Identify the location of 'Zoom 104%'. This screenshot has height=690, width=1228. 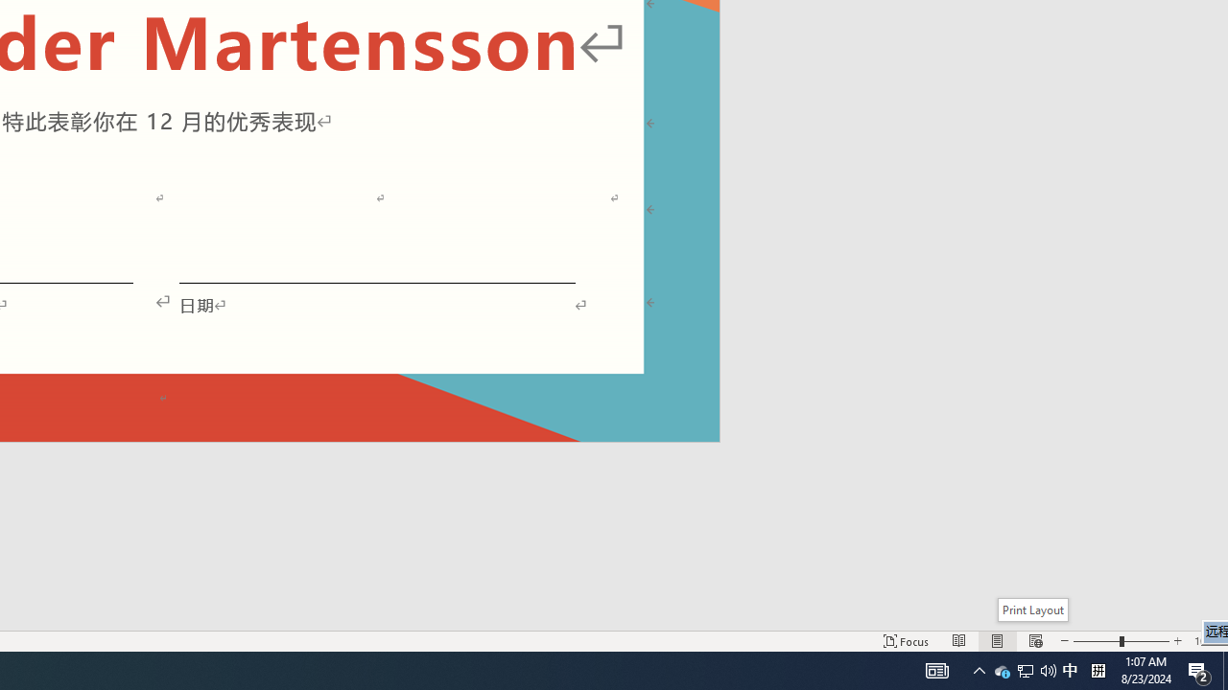
(1206, 641).